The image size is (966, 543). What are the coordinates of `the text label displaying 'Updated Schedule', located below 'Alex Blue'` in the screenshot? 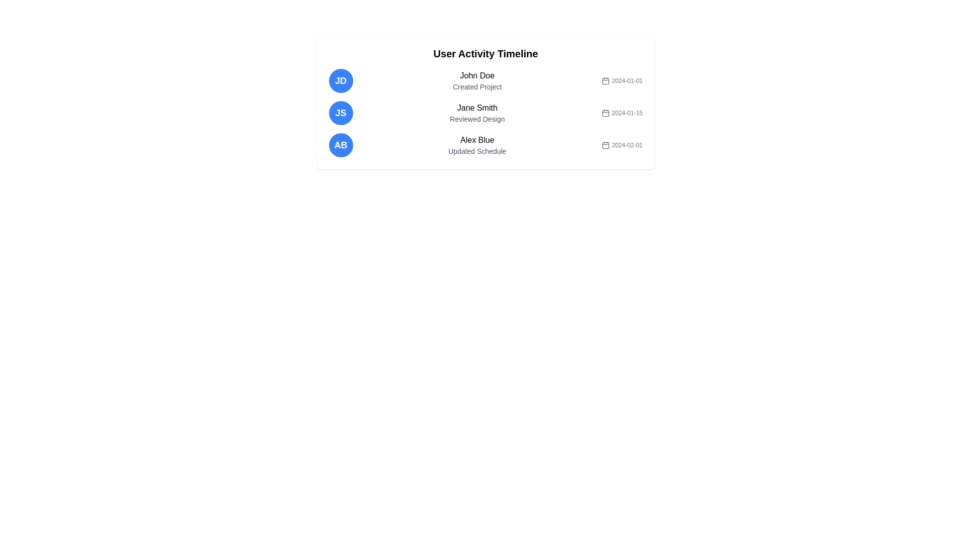 It's located at (476, 151).